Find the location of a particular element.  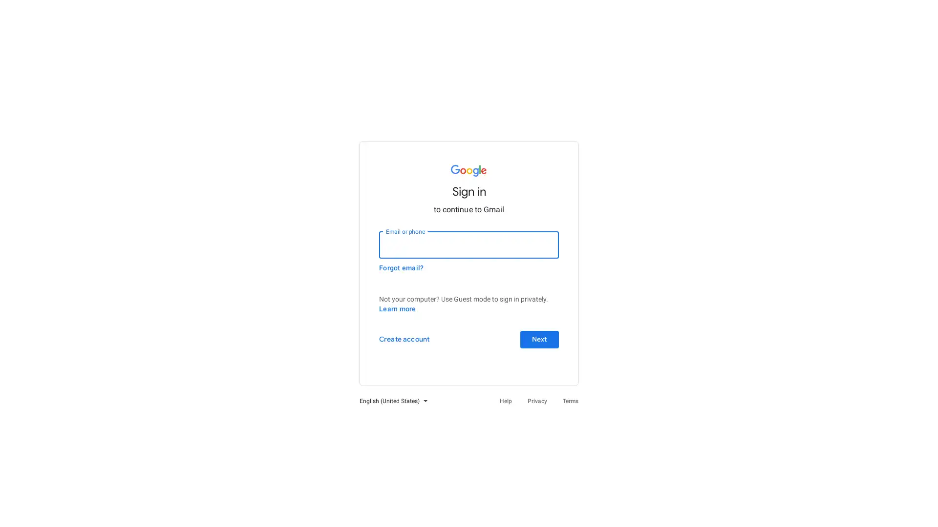

Forgot email? is located at coordinates (401, 267).